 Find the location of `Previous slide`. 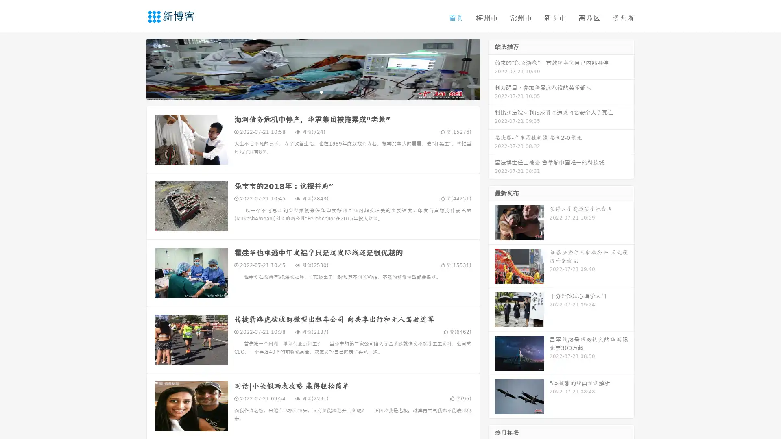

Previous slide is located at coordinates (134, 68).